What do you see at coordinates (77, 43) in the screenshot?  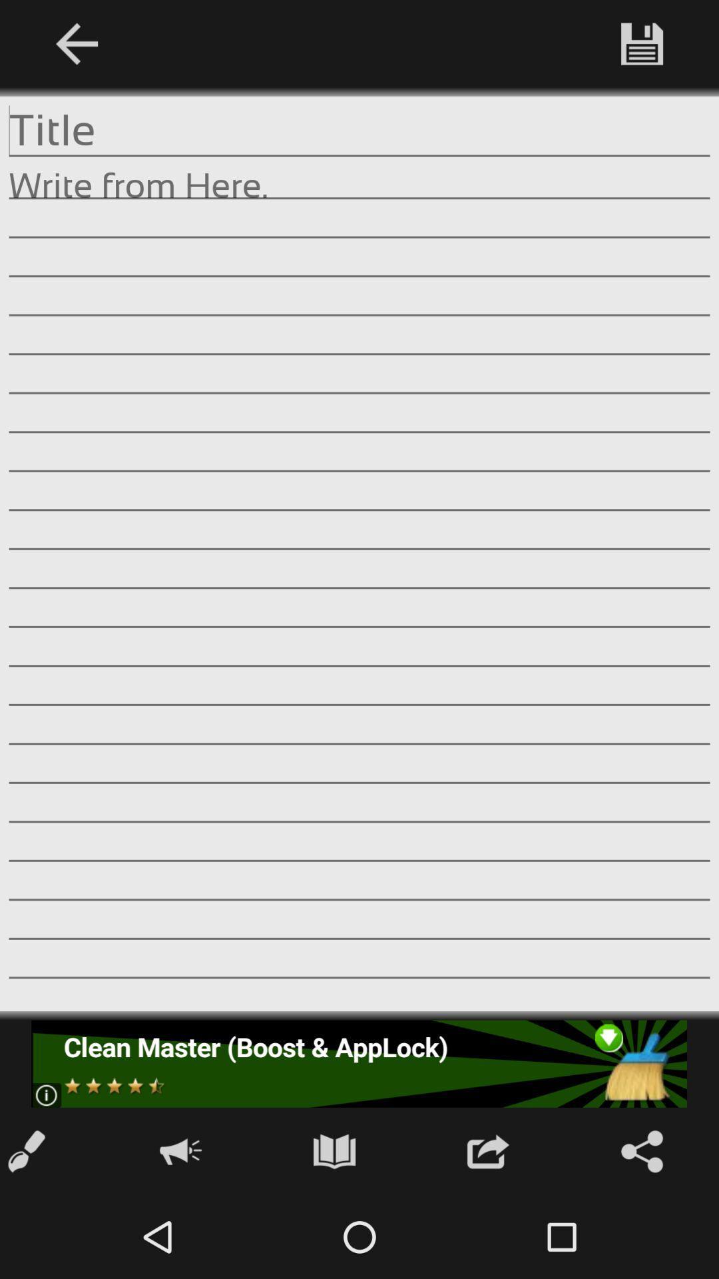 I see `the arrow_backward icon` at bounding box center [77, 43].